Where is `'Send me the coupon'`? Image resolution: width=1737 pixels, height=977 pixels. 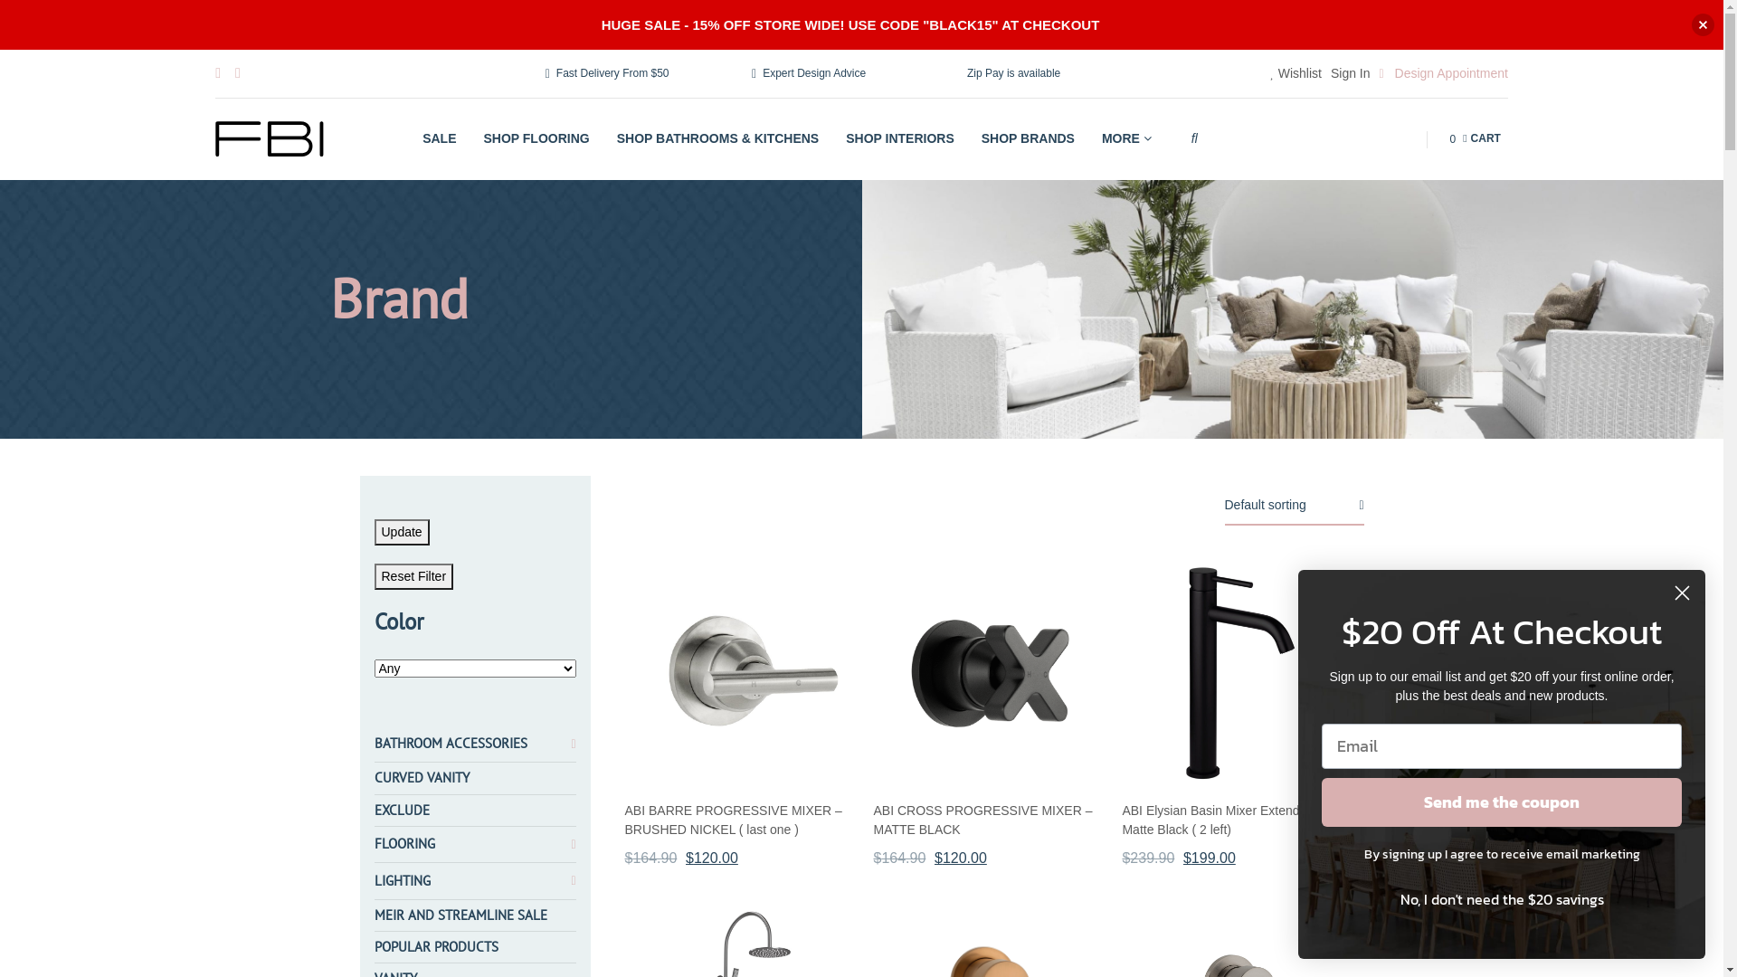
'Send me the coupon' is located at coordinates (1502, 802).